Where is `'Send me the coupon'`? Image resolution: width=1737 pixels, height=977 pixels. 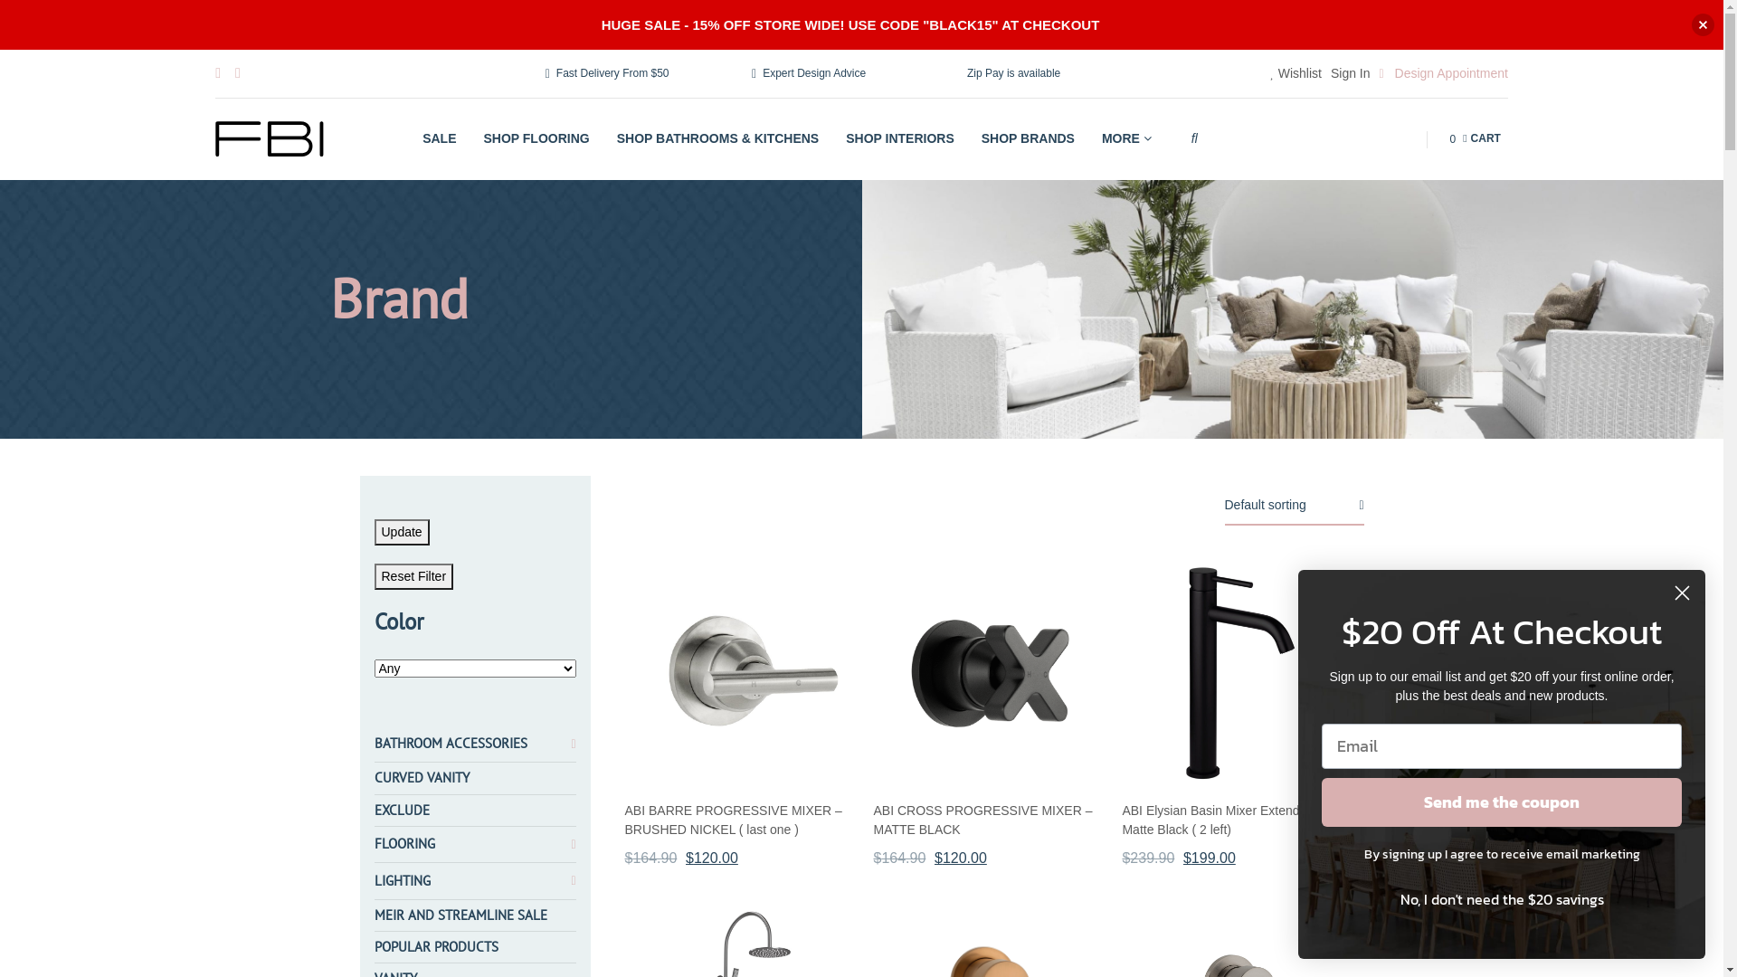
'Send me the coupon' is located at coordinates (1502, 802).